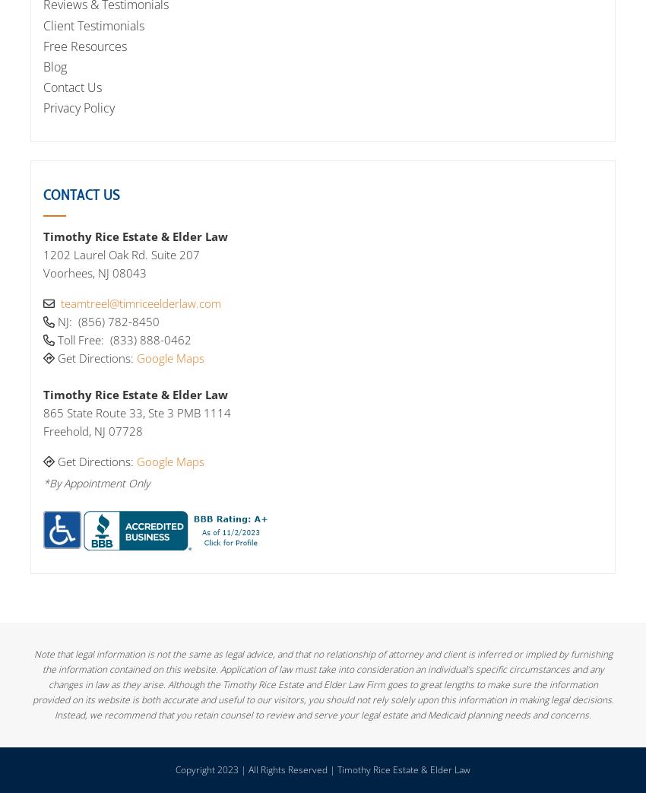  Describe the element at coordinates (140, 303) in the screenshot. I see `'teamtreel@timriceelderlaw.com'` at that location.